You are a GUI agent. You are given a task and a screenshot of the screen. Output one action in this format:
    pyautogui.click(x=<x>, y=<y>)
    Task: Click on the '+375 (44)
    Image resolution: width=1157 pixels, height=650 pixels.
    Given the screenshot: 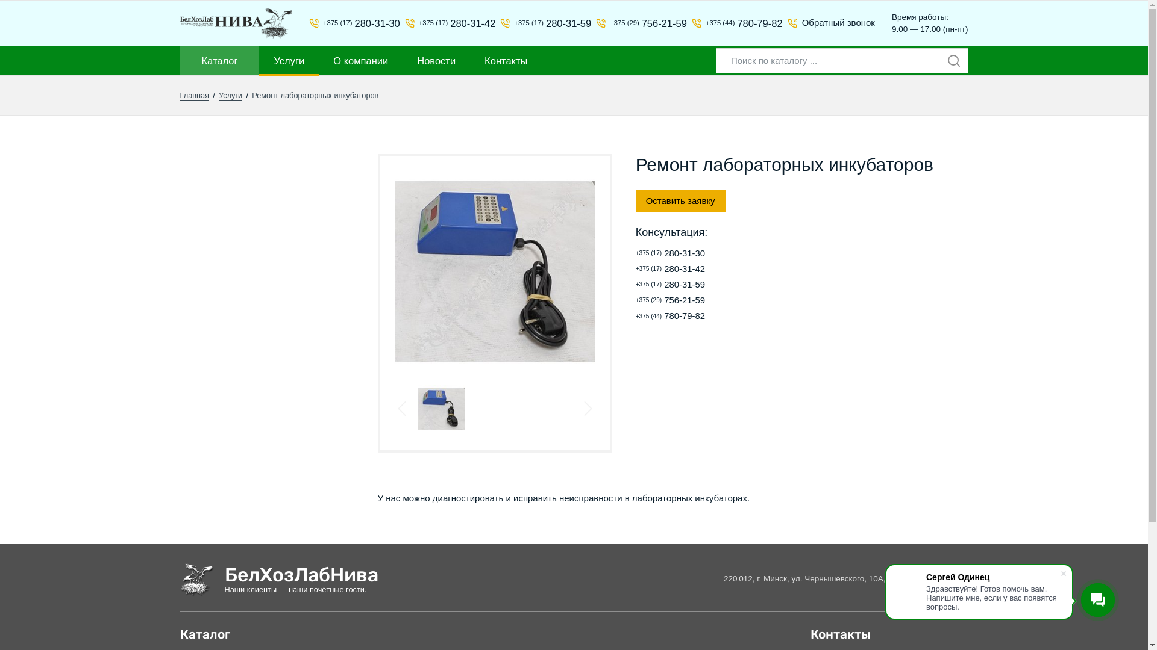 What is the action you would take?
    pyautogui.click(x=635, y=315)
    